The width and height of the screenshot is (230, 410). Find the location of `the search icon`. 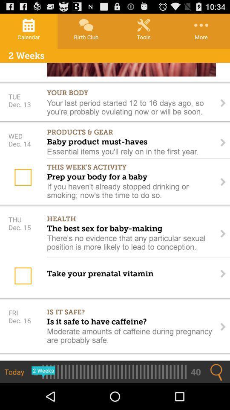

the search icon is located at coordinates (216, 398).